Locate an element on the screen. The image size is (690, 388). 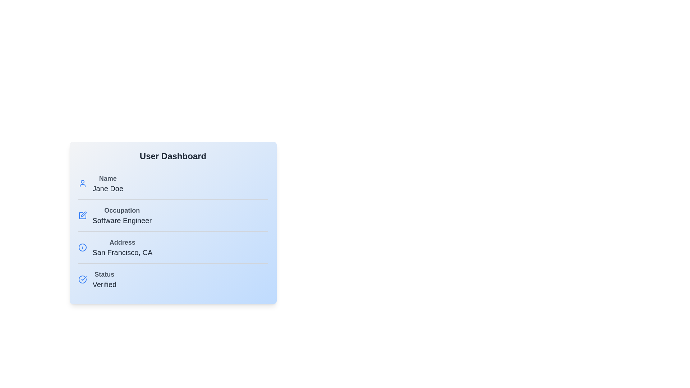
the user profile icon that visually represents 'Name' and 'Jane Doe', located to the far left of the text and aligned vertically with it is located at coordinates (82, 183).